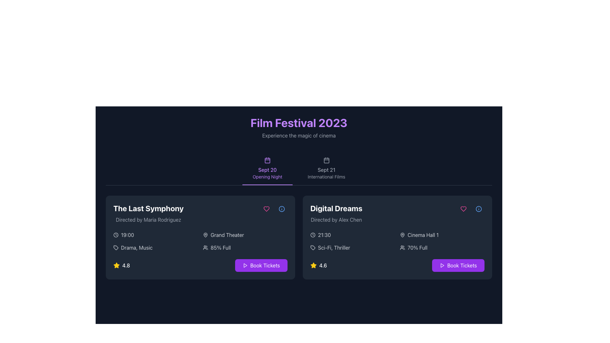 The width and height of the screenshot is (610, 343). I want to click on the 'users' symbol icon, which is styled with thin, sharp strokes and located to the left of the '70% Full' text in the bottom right section of the 'Digital Dreams' film card, so click(402, 247).